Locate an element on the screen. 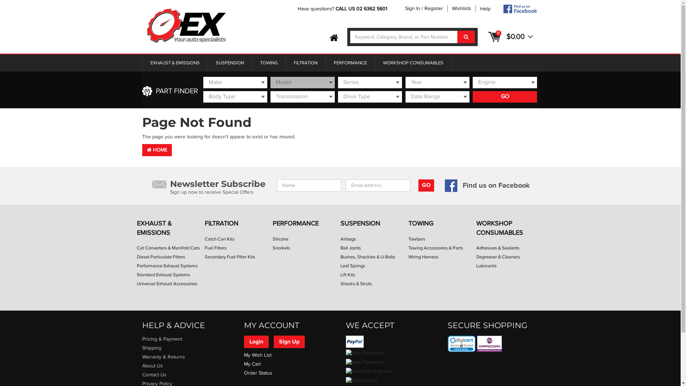 The image size is (686, 386). 'My Wish List' is located at coordinates (257, 355).